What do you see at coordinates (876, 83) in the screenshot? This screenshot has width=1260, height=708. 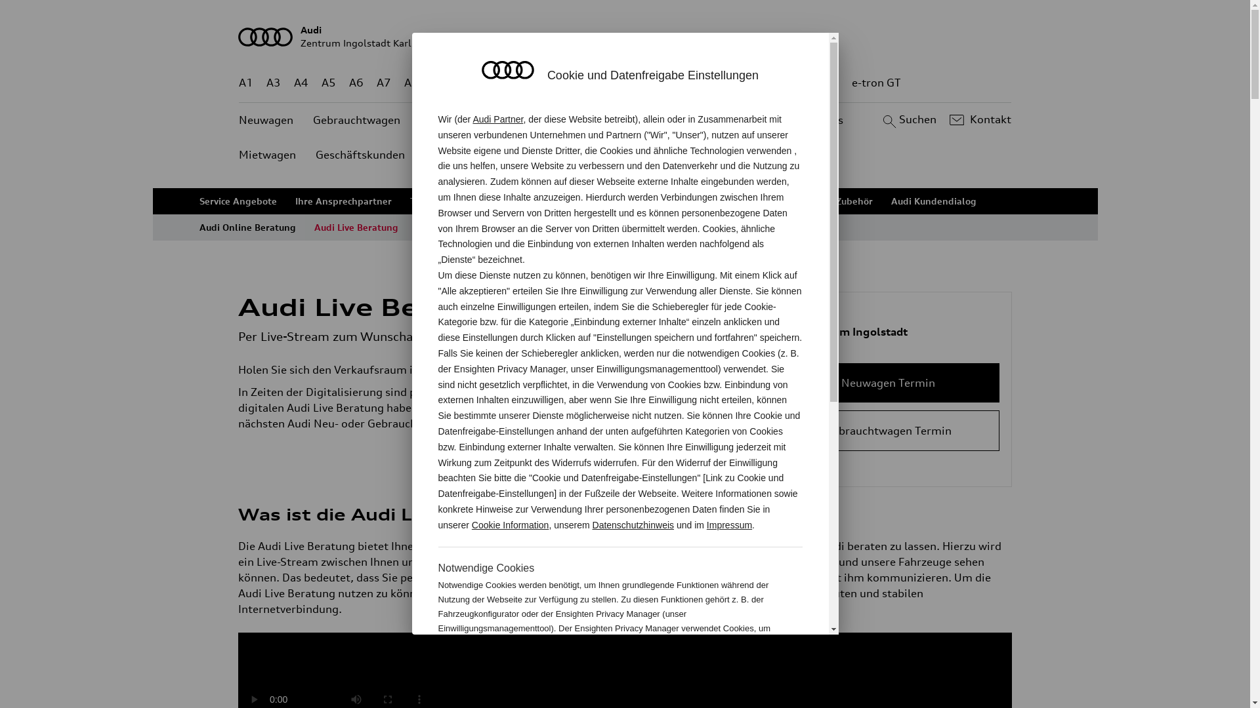 I see `'e-tron GT'` at bounding box center [876, 83].